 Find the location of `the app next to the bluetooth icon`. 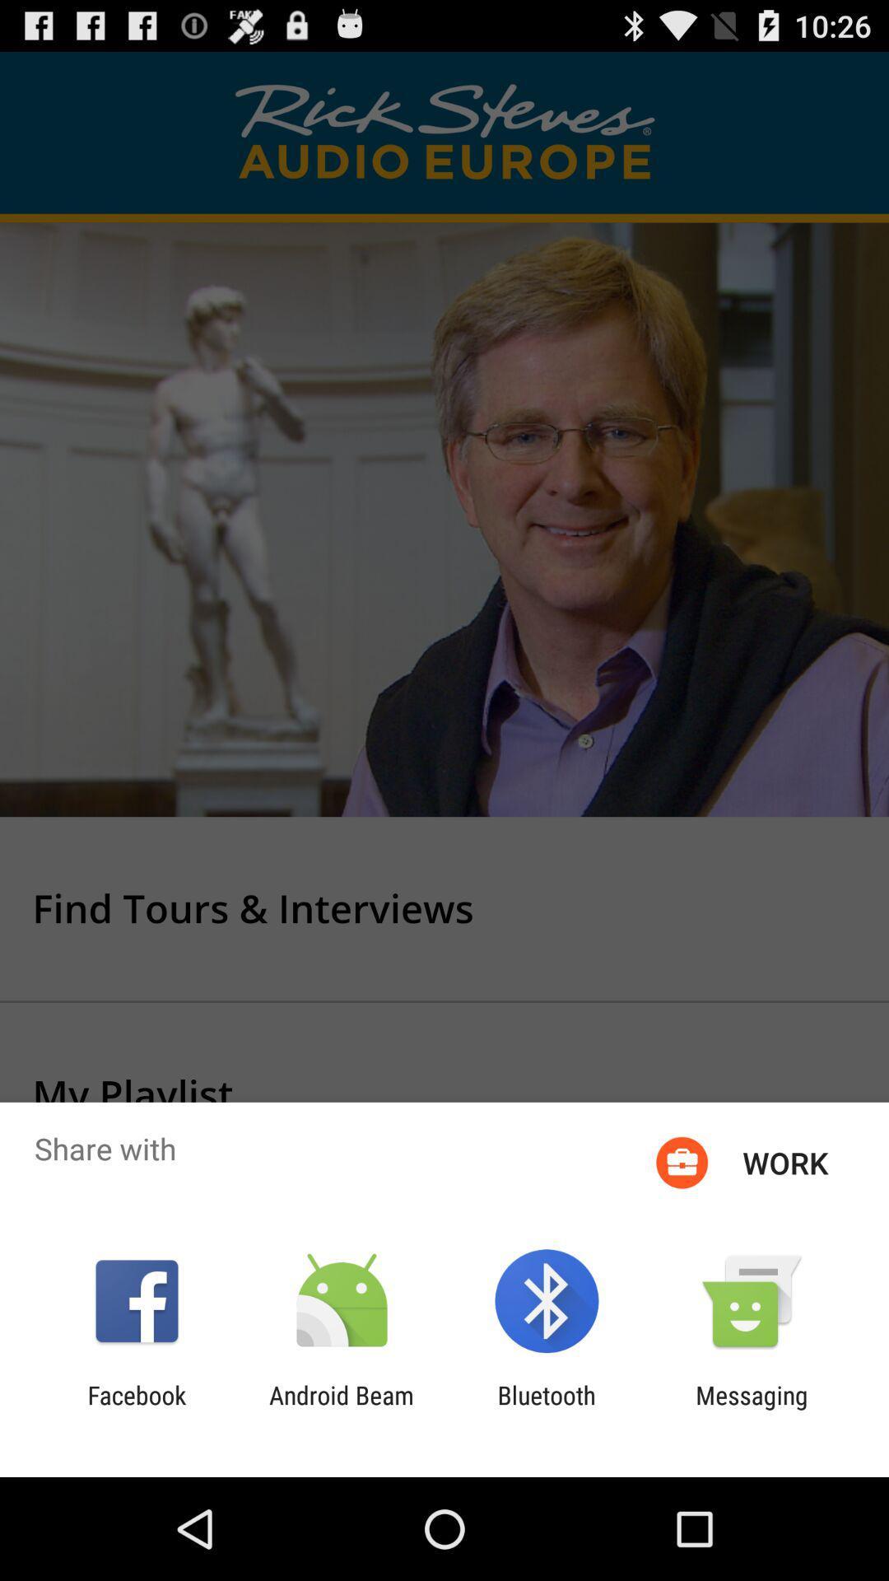

the app next to the bluetooth icon is located at coordinates (752, 1409).